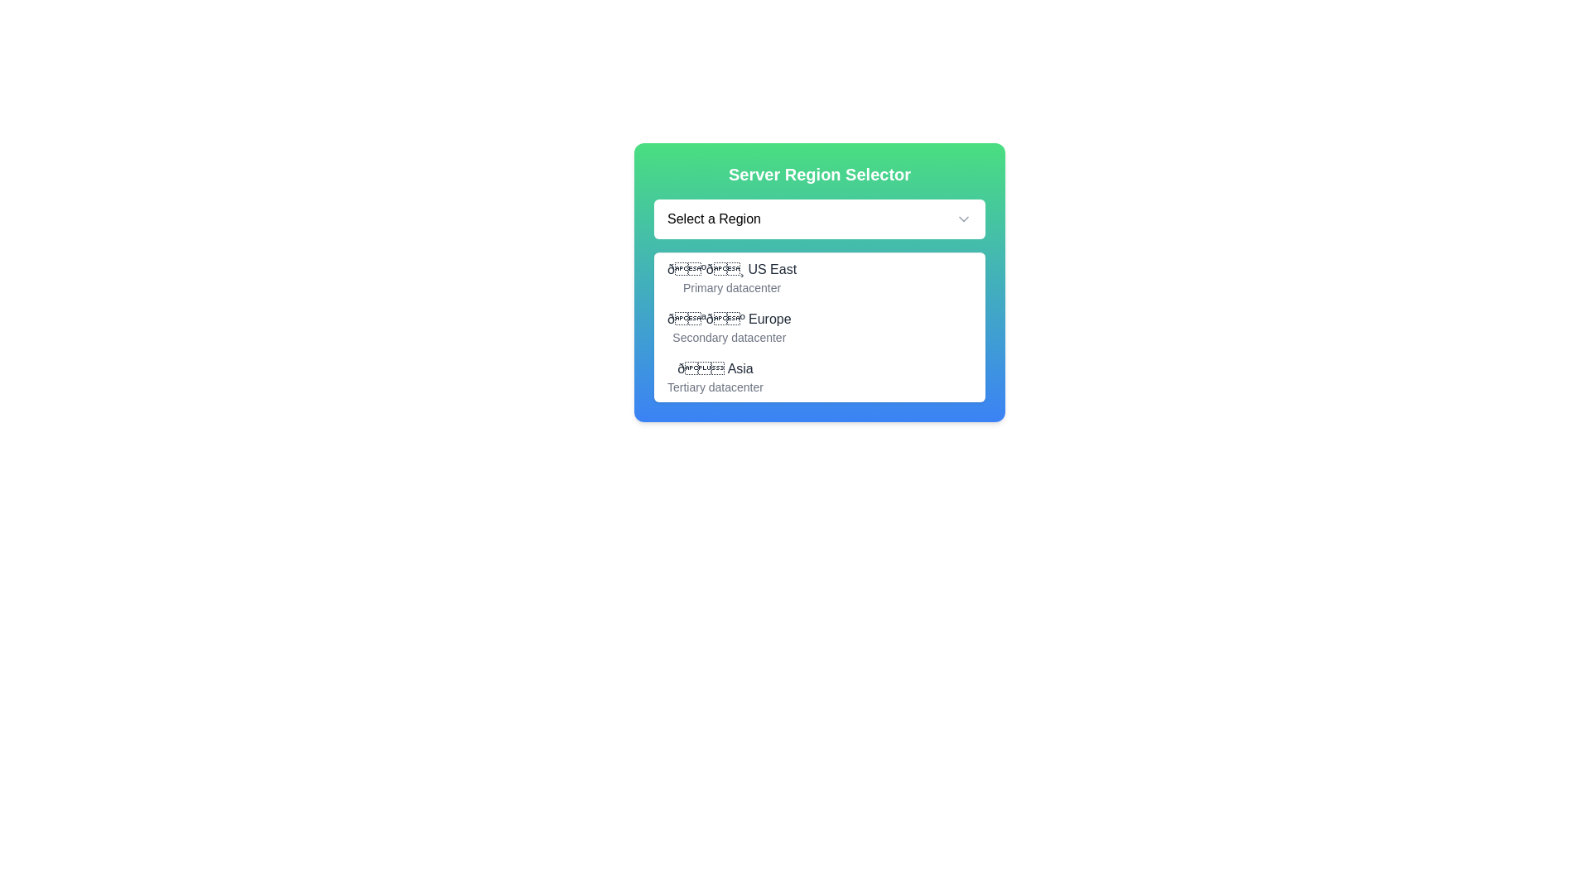 This screenshot has height=894, width=1590. I want to click on the first item in the dropdown list, which displays a flag emoji followed by 'US East', so click(819, 276).